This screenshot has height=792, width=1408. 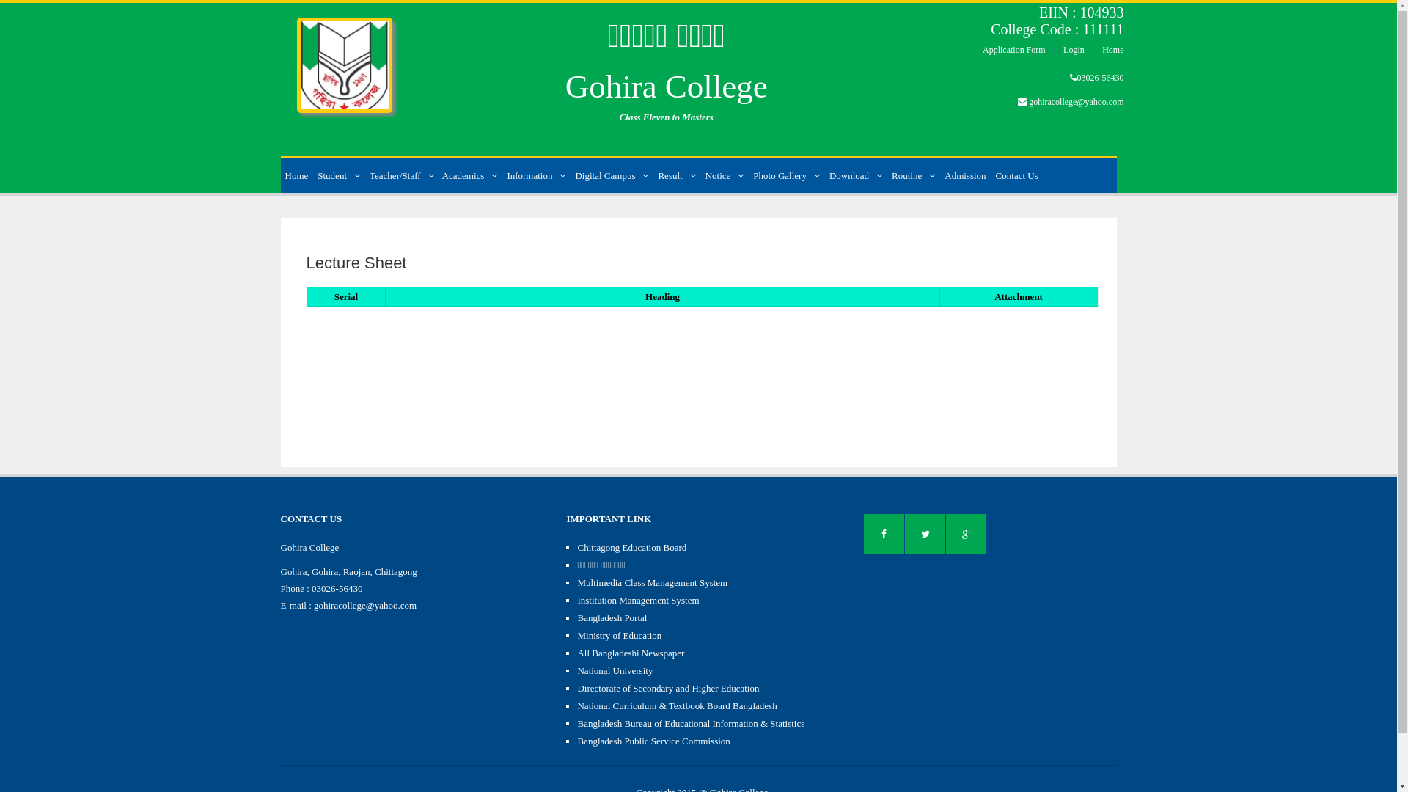 What do you see at coordinates (1112, 49) in the screenshot?
I see `'Home'` at bounding box center [1112, 49].